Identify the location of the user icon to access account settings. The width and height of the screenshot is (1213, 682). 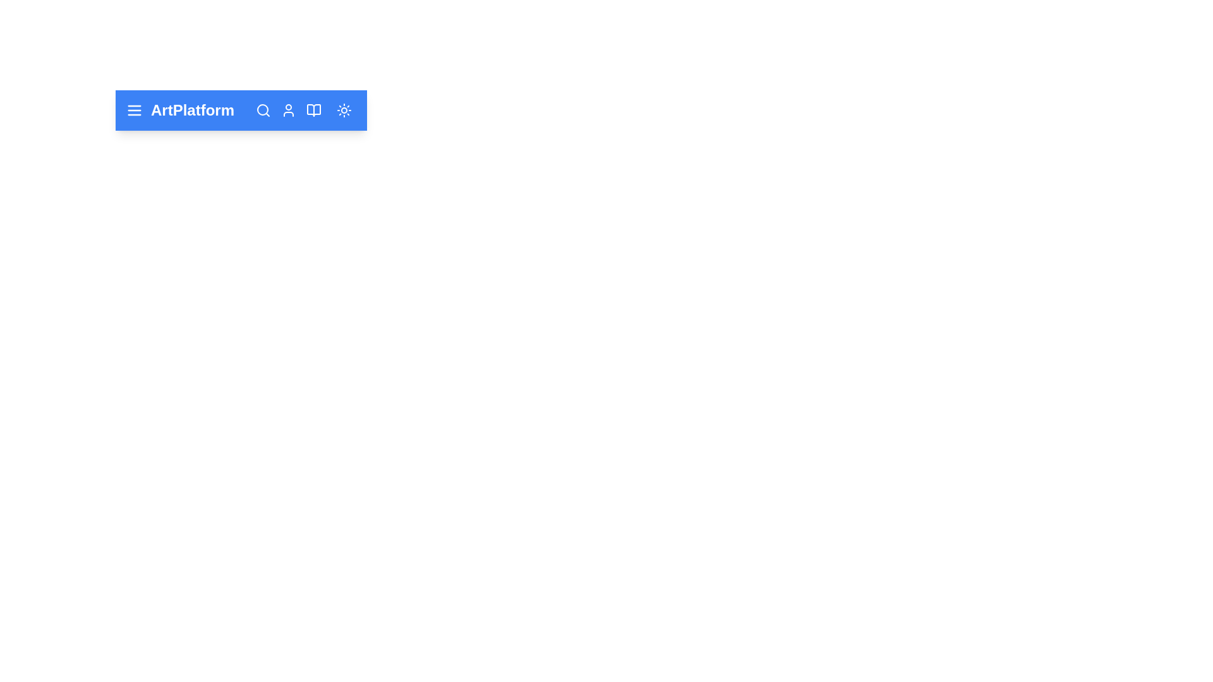
(287, 109).